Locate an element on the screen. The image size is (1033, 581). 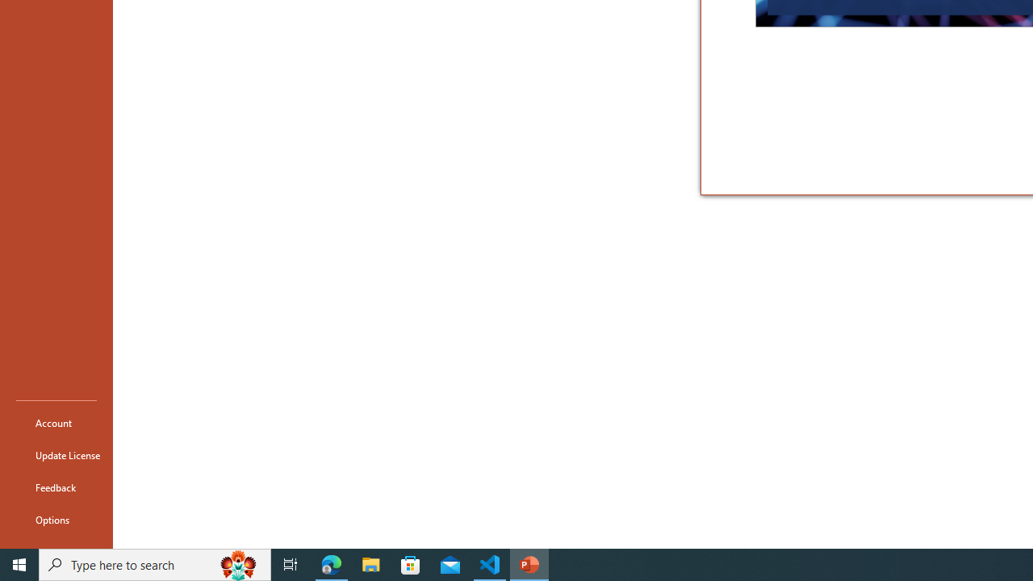
'Feedback' is located at coordinates (56, 487).